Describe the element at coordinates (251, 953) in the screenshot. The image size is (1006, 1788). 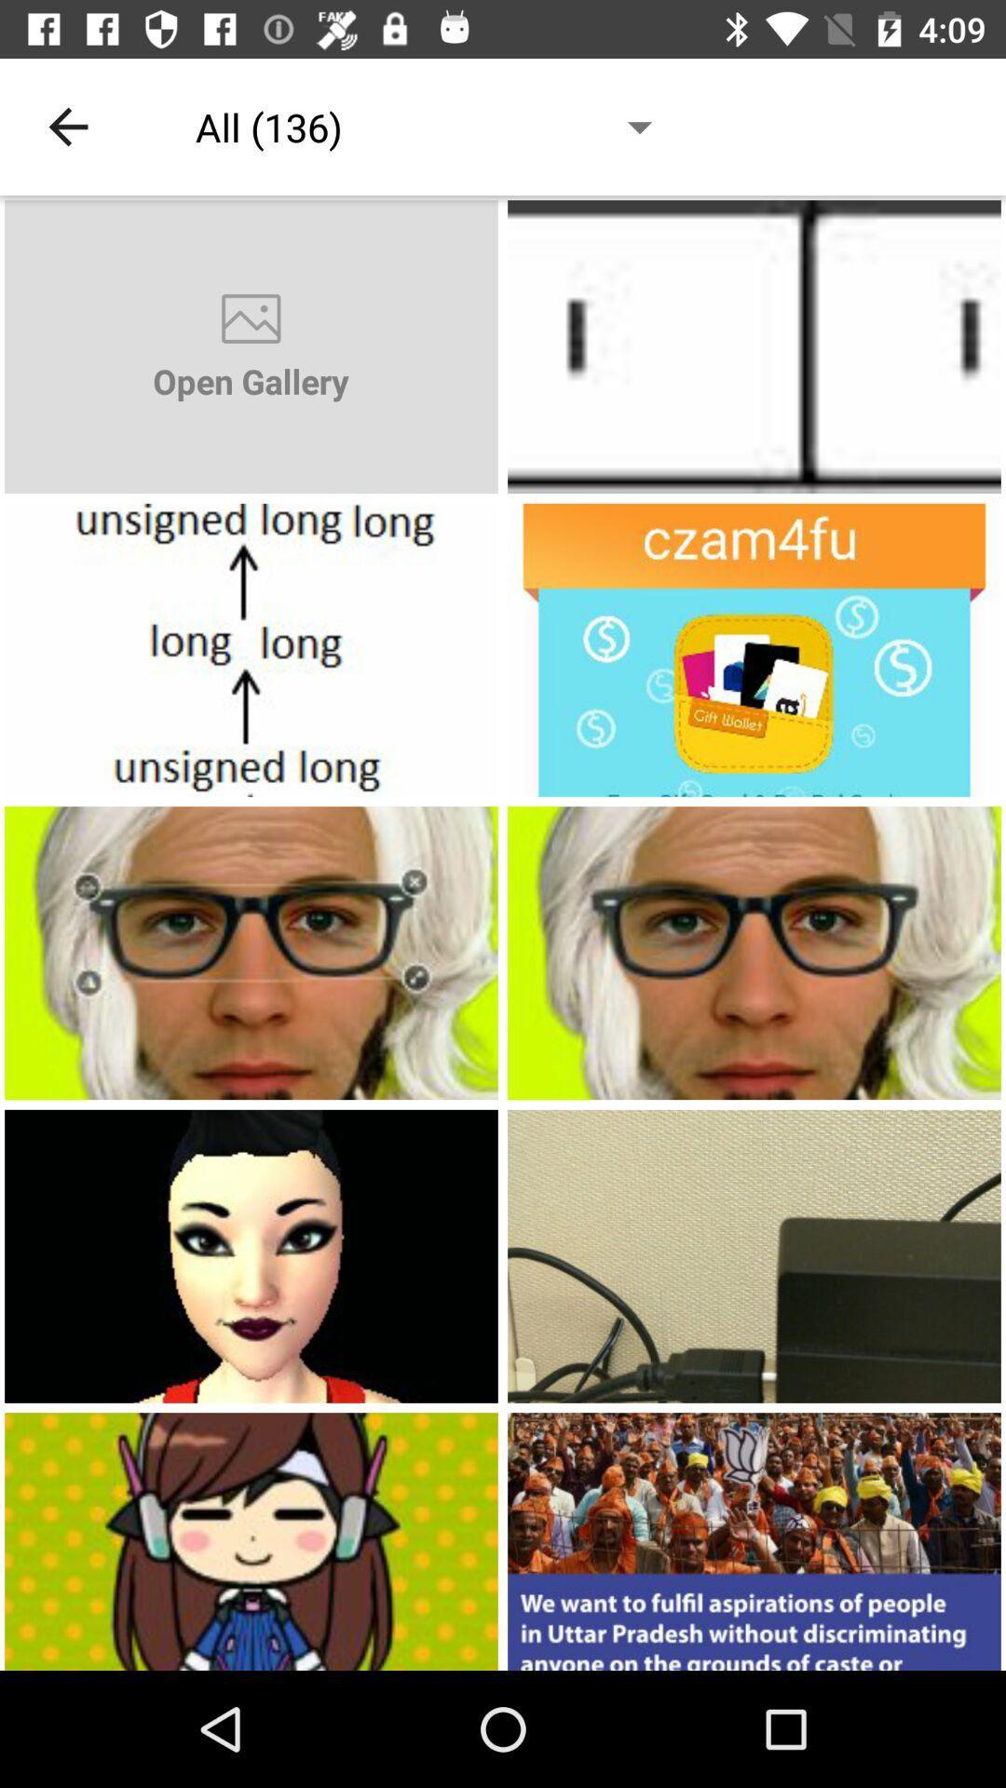
I see `advertisement image` at that location.